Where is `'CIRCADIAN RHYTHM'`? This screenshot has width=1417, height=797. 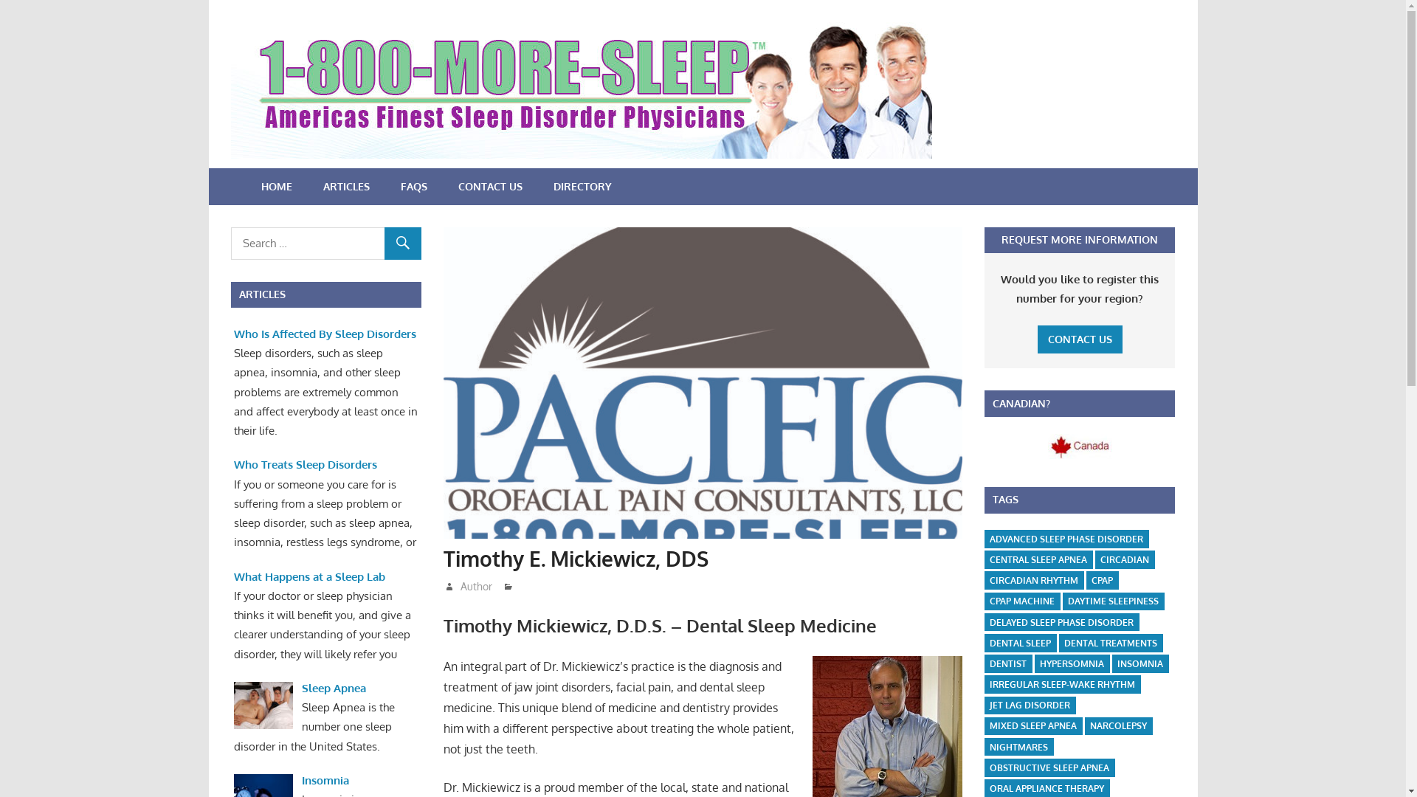
'CIRCADIAN RHYTHM' is located at coordinates (1033, 579).